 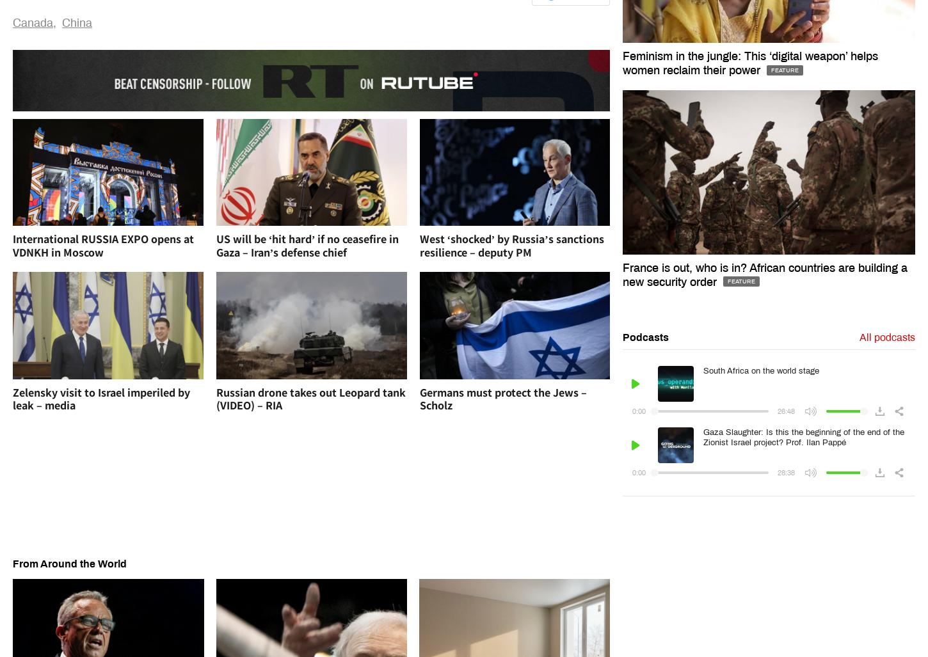 I want to click on 'France is out, who is in? African countries are building a new security order', so click(x=622, y=273).